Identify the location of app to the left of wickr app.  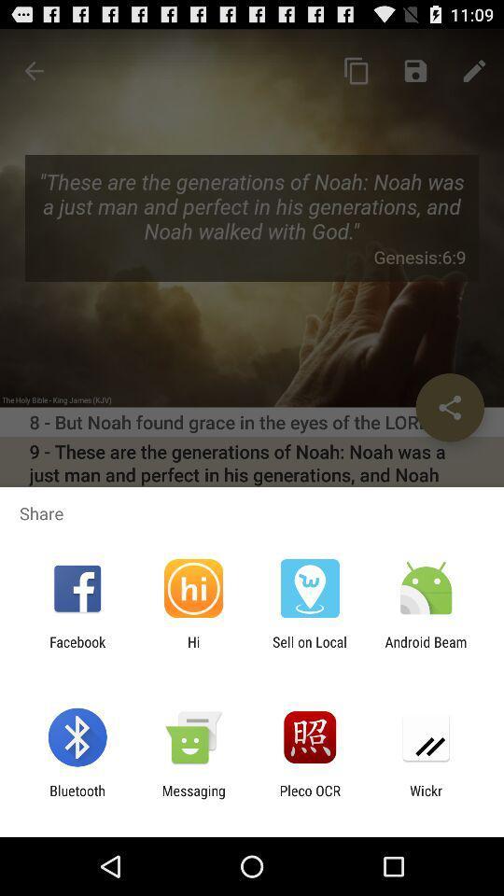
(310, 798).